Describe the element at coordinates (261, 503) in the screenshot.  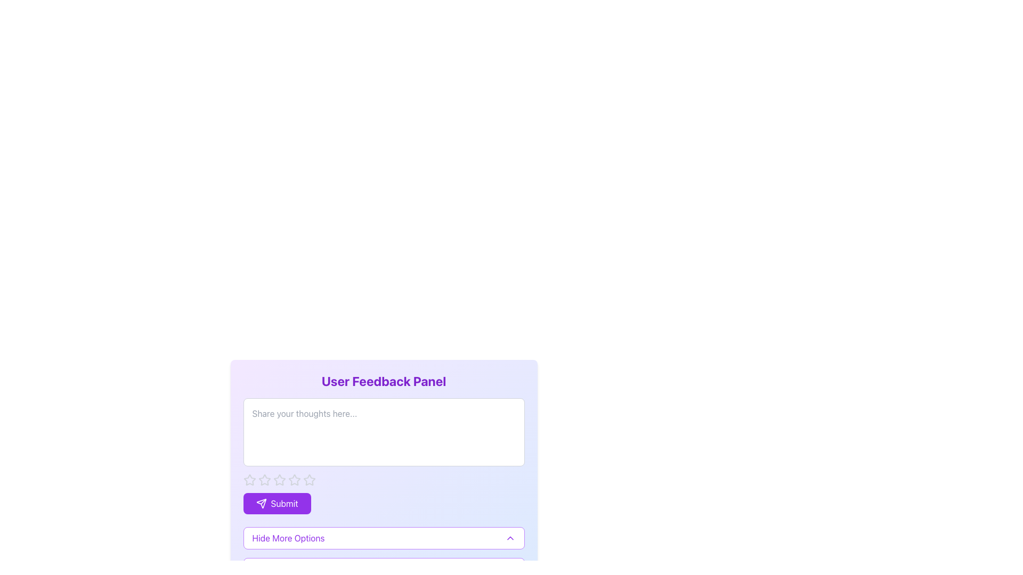
I see `the paper plane SVG icon located on the left side of the 'Submit' button` at that location.